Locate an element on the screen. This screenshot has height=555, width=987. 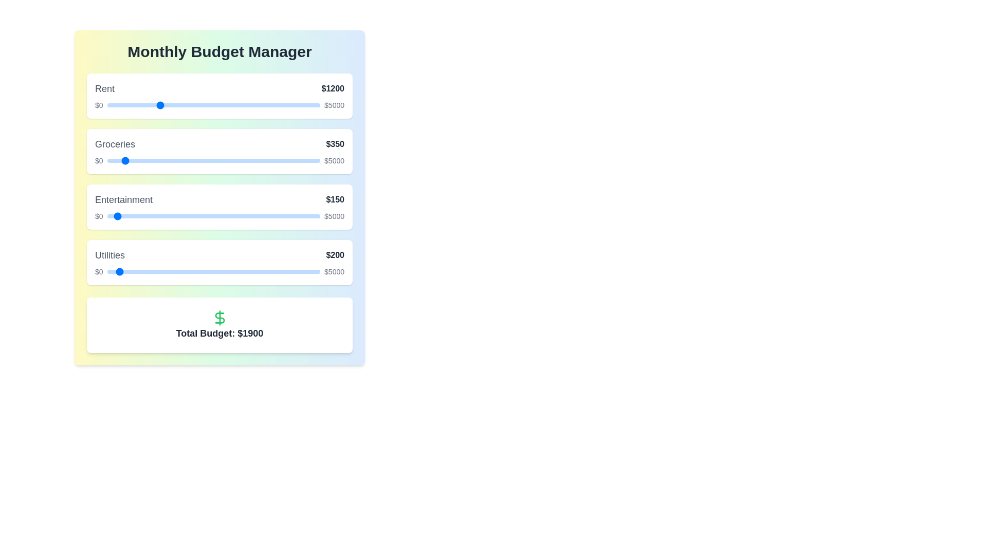
the text label displaying the word 'Rent', which is styled in grayish color and located in a budget management interface is located at coordinates (105, 88).